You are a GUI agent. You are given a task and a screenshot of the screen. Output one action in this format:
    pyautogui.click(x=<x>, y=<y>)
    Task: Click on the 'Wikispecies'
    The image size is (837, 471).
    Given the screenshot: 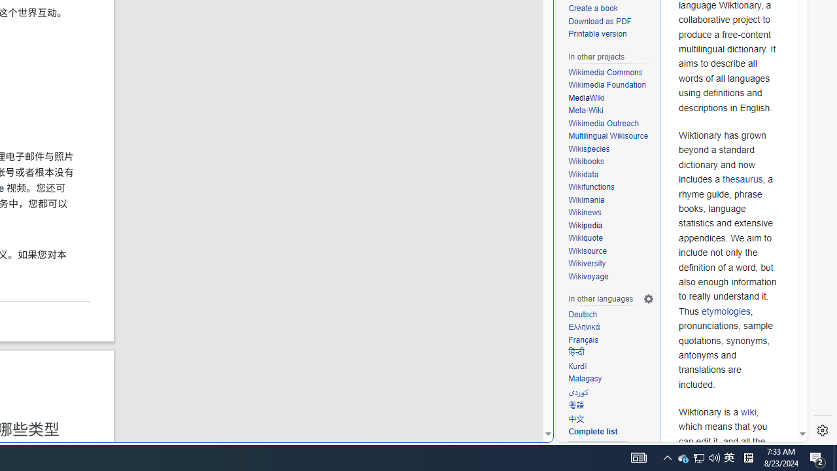 What is the action you would take?
    pyautogui.click(x=611, y=148)
    